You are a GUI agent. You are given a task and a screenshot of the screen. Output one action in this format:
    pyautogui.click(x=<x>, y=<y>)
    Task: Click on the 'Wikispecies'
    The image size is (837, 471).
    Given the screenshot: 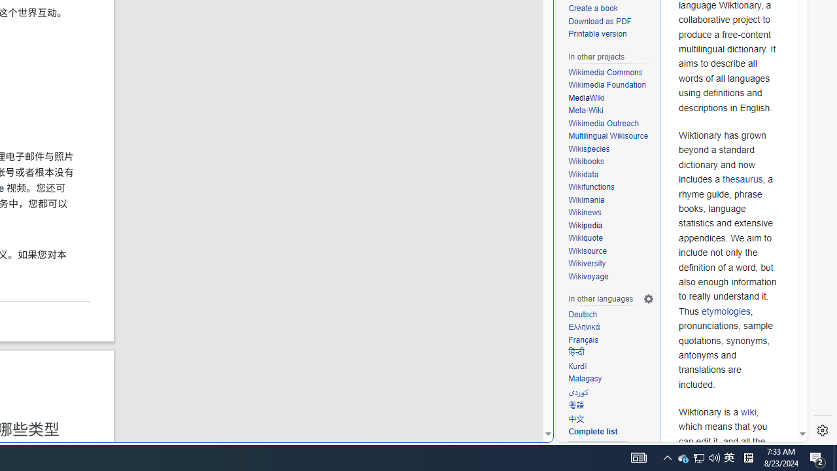 What is the action you would take?
    pyautogui.click(x=611, y=148)
    